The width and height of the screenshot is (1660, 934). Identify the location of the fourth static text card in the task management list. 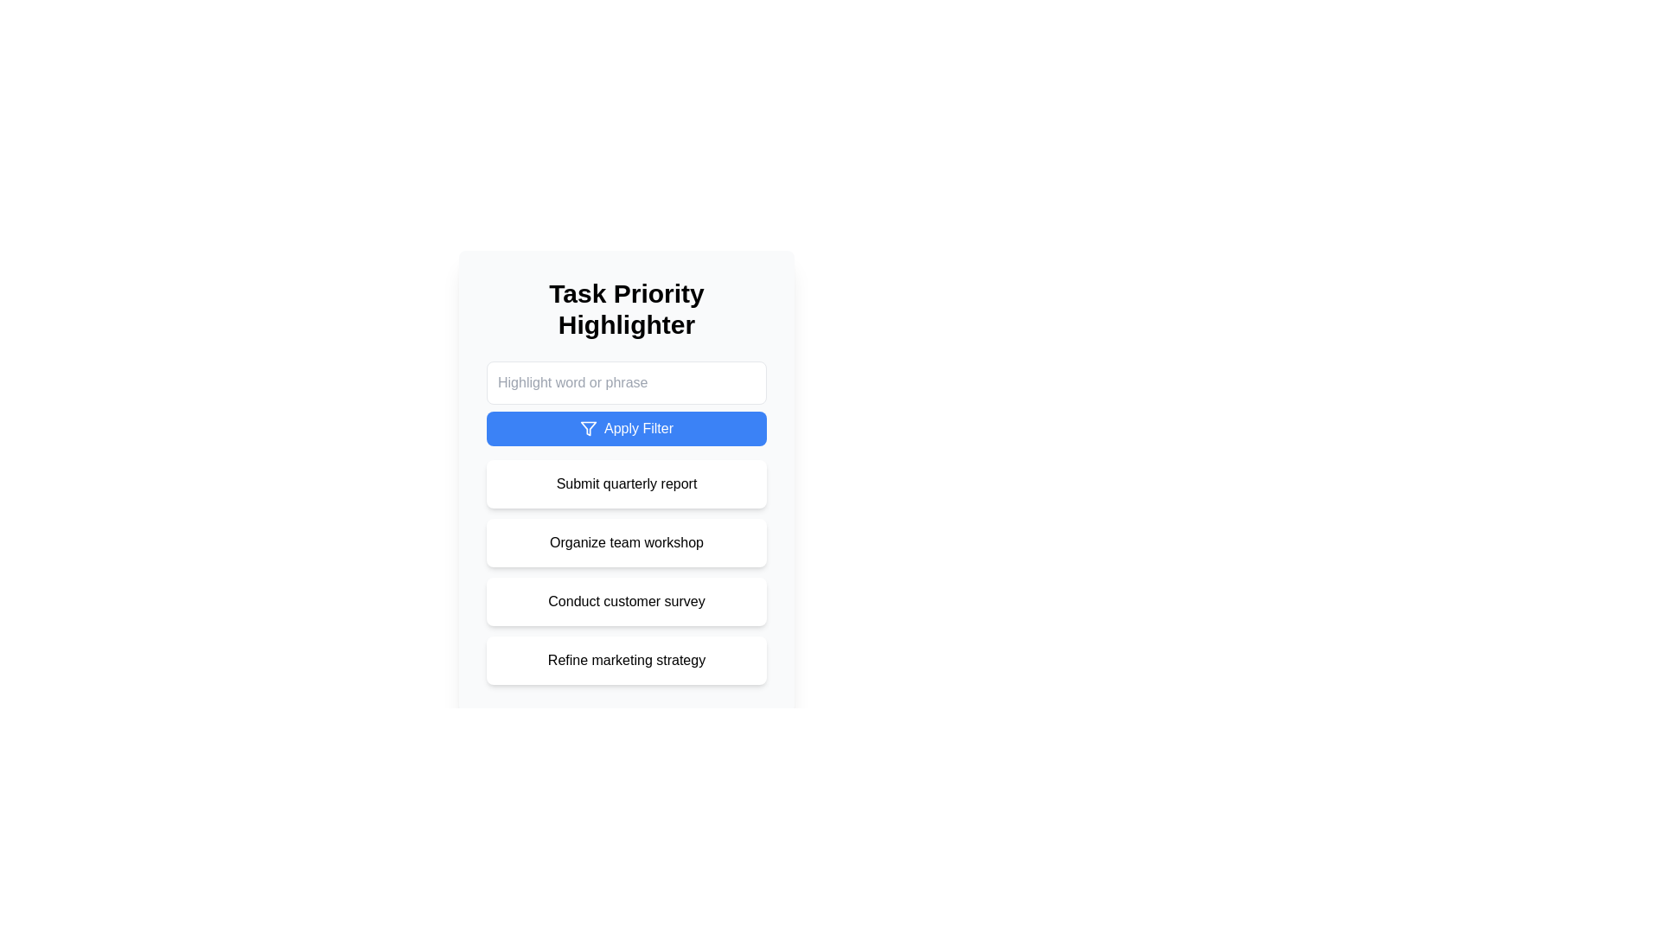
(625, 660).